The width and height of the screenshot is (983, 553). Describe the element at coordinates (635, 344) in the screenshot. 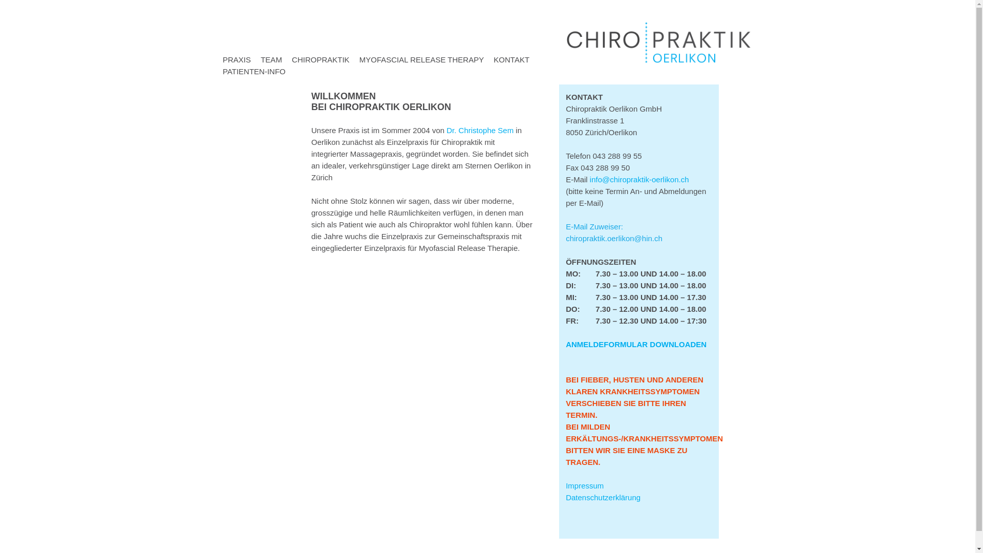

I see `'ANMELDEFORMULAR DOWNLOADEN'` at that location.